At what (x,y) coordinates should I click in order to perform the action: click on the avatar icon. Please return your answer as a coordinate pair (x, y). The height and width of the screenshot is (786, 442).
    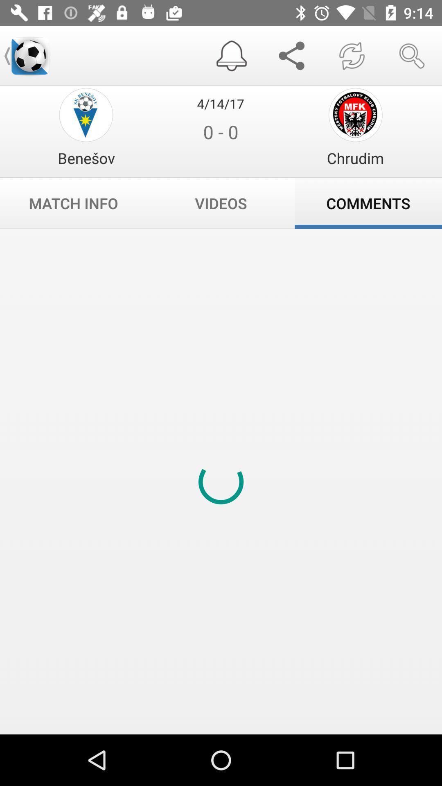
    Looking at the image, I should click on (86, 114).